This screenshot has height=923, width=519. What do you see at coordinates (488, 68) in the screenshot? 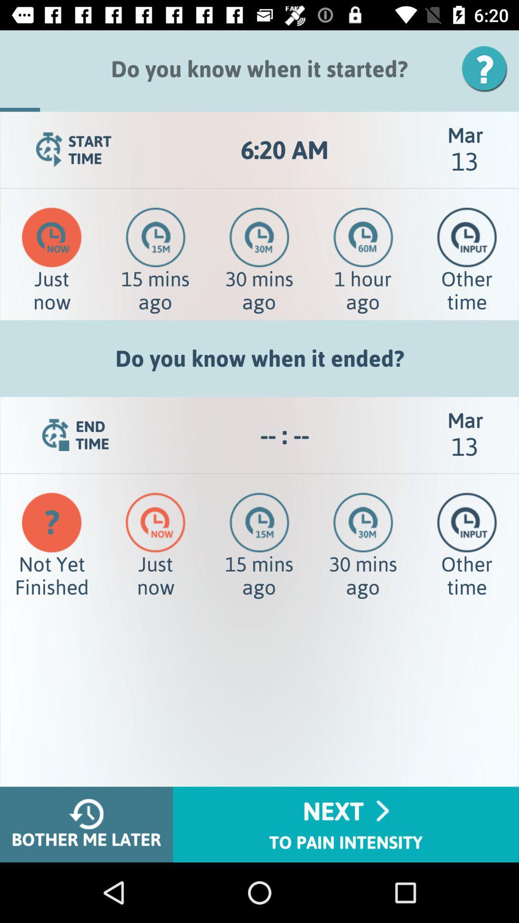
I see `the icon to the right of do you know item` at bounding box center [488, 68].